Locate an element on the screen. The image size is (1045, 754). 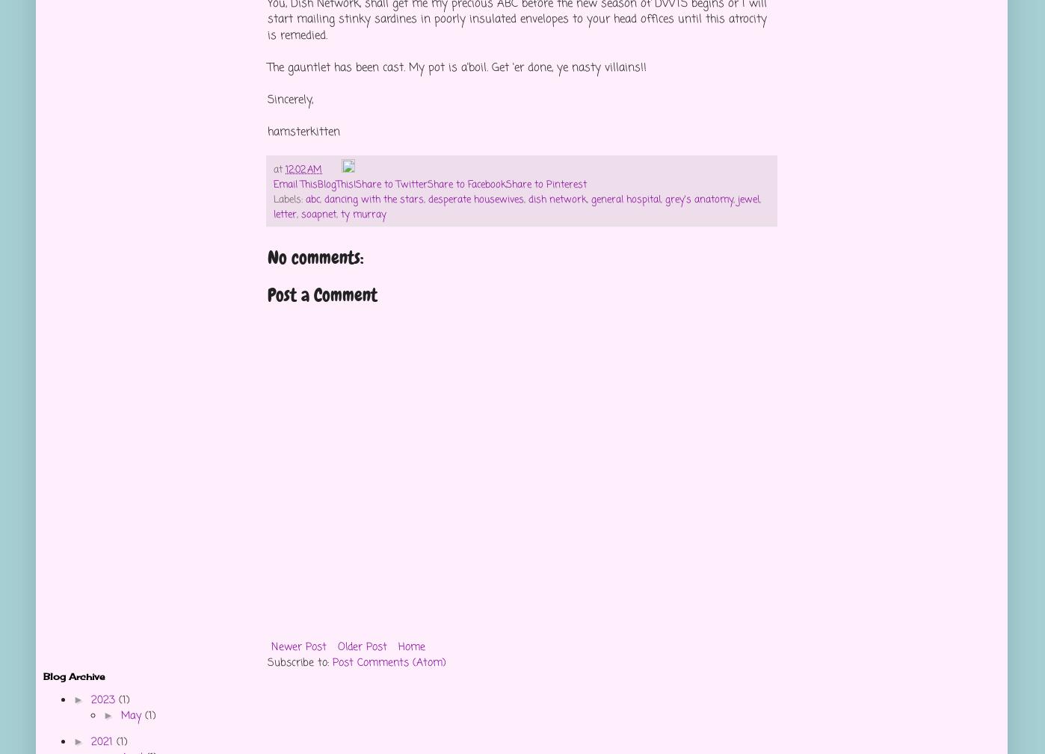
'Older Post' is located at coordinates (361, 647).